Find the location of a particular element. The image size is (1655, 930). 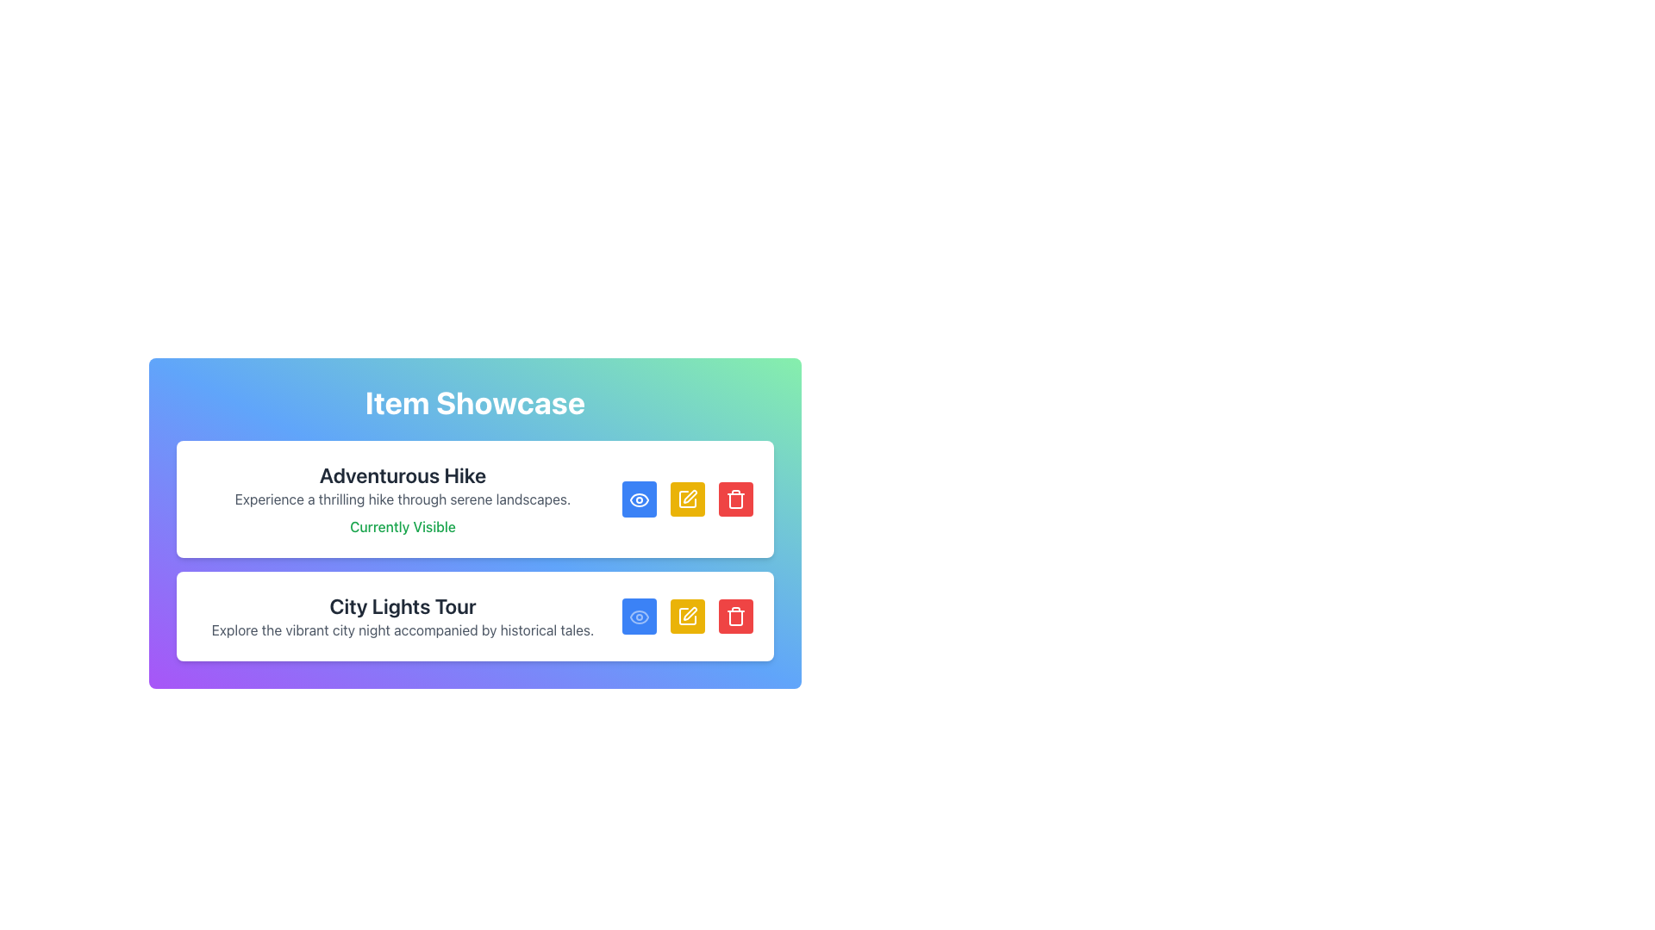

the yellow pen icon button, which represents the 'edit' option for the 'City Lights Tour' item is located at coordinates (690, 613).